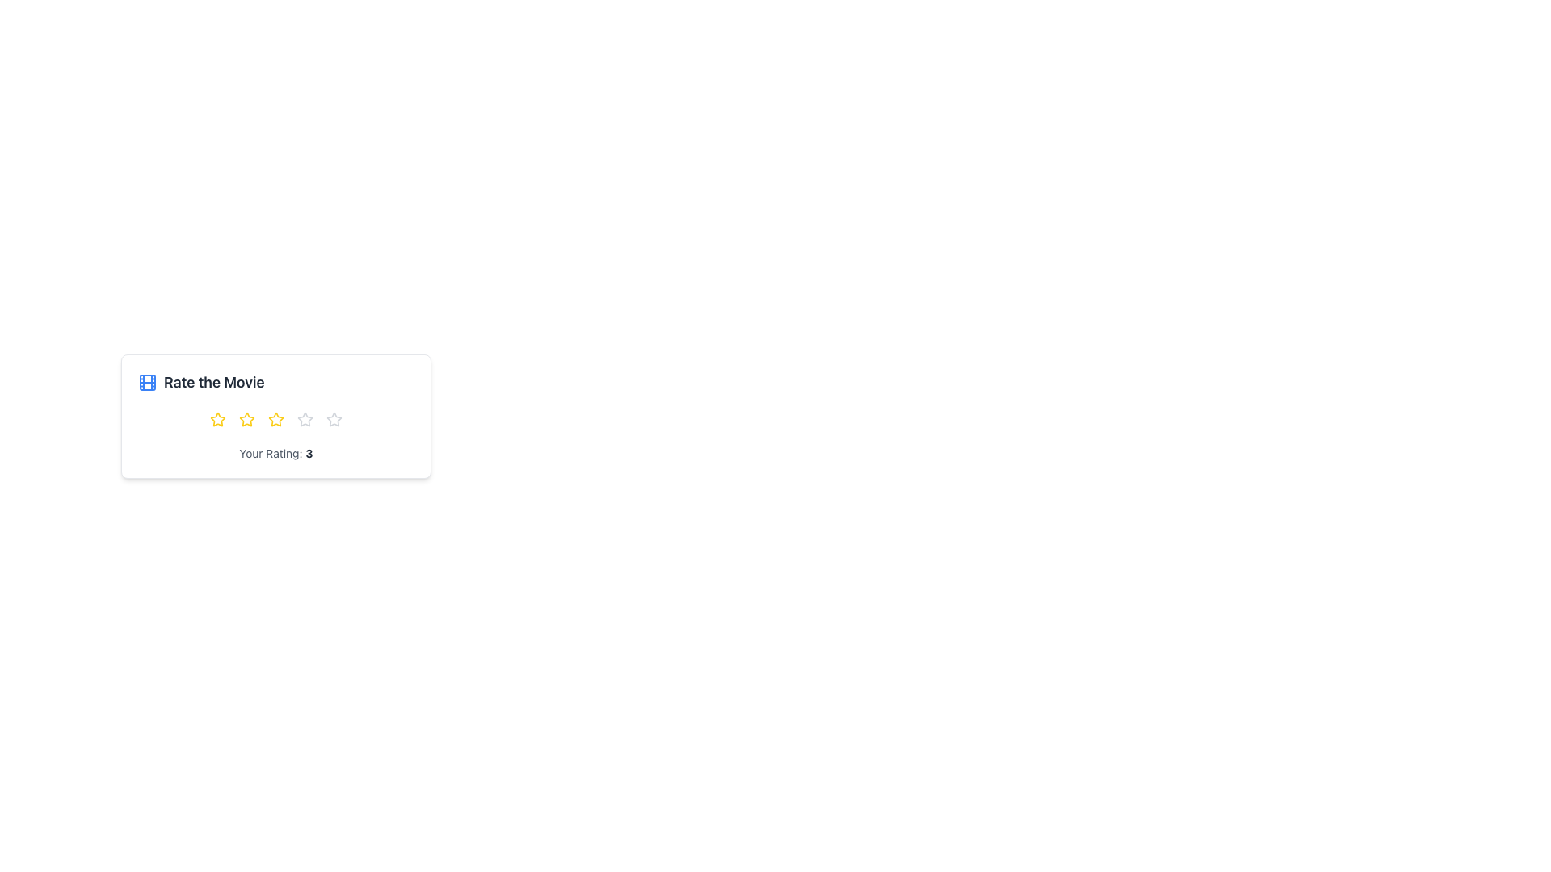 This screenshot has height=872, width=1551. I want to click on the third yellow star icon with a red inner fill in the 'Rate the Movie' section, so click(246, 418).